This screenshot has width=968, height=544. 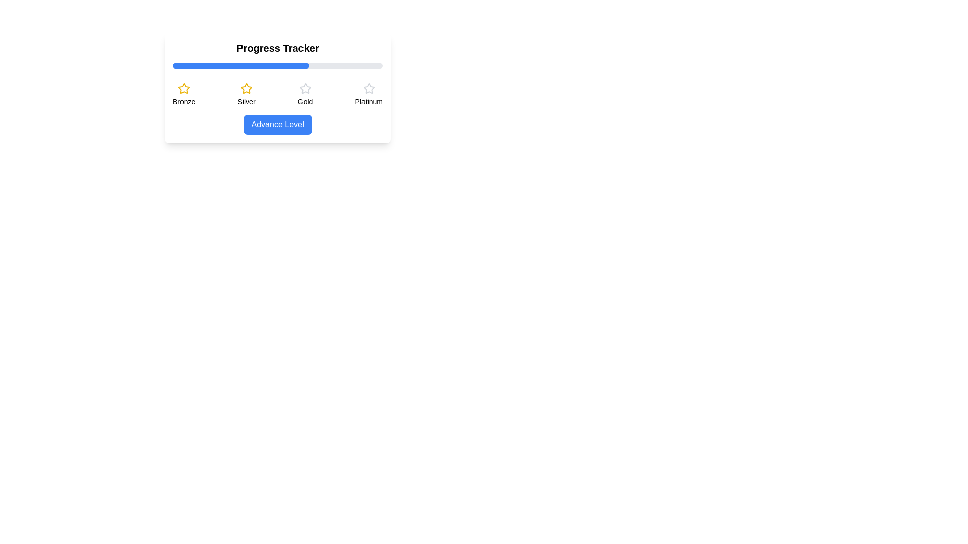 What do you see at coordinates (278, 124) in the screenshot?
I see `the 'Advance Level' button located at the bottom center of the 'Progress Tracker' card layout to trigger a visual change` at bounding box center [278, 124].